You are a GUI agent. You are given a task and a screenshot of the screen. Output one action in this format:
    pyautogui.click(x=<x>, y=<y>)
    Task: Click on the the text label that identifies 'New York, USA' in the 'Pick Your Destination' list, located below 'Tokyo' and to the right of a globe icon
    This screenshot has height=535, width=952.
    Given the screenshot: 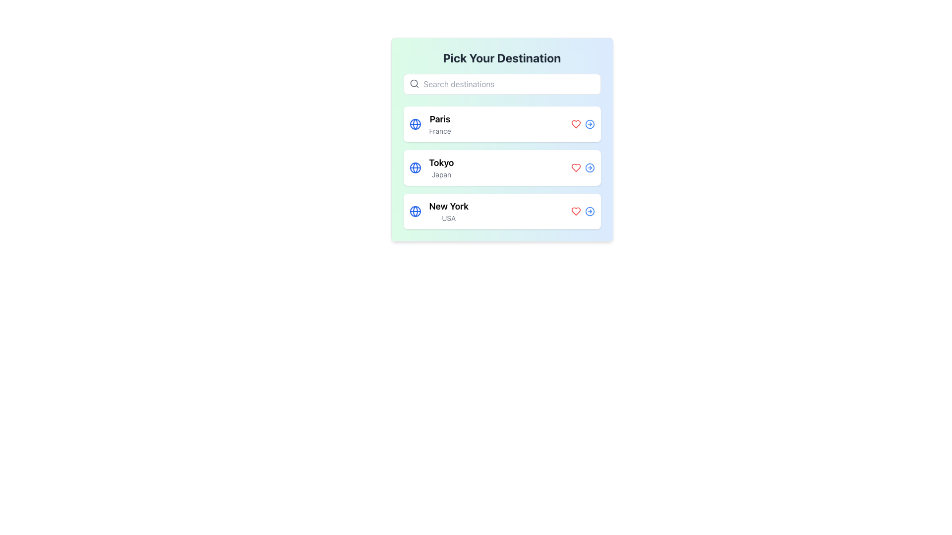 What is the action you would take?
    pyautogui.click(x=448, y=211)
    